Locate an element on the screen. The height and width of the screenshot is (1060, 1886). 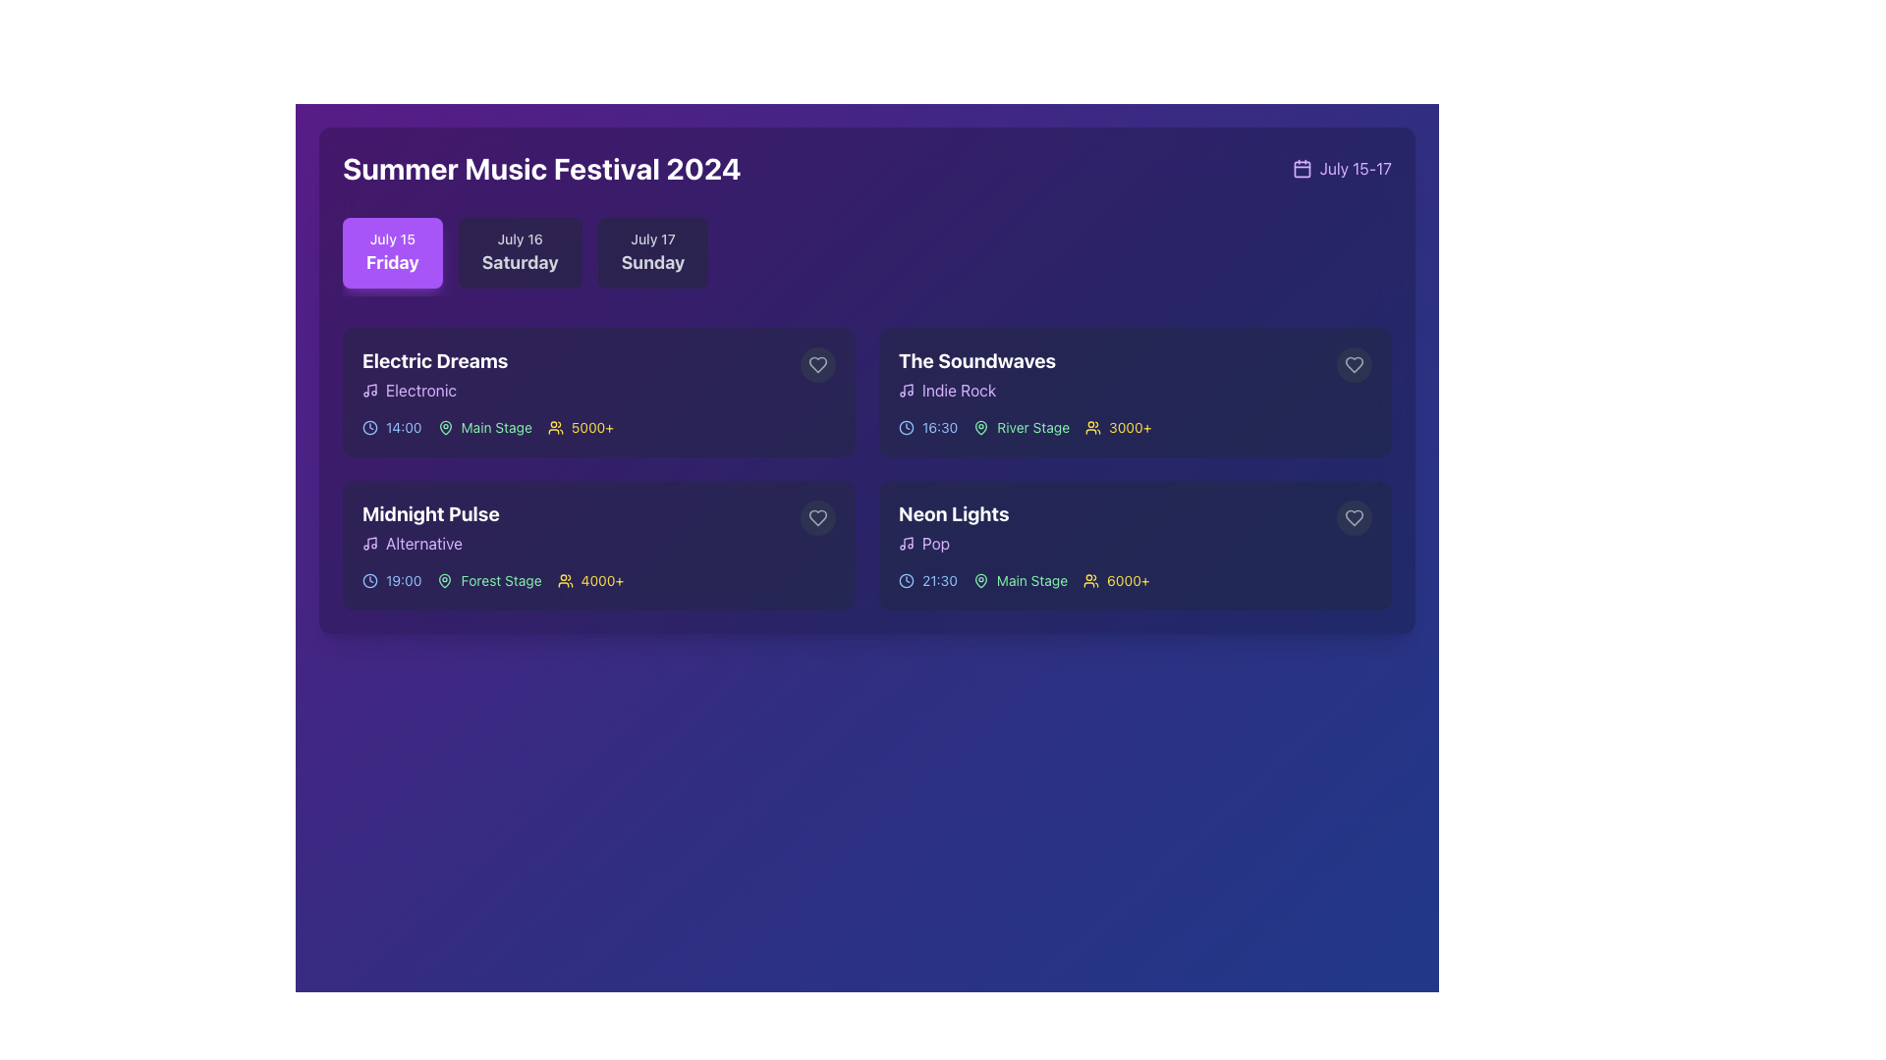
the map pin icon located to the left of the 'Main Stage' text within the 'Electric Dreams' event card is located at coordinates (444, 426).